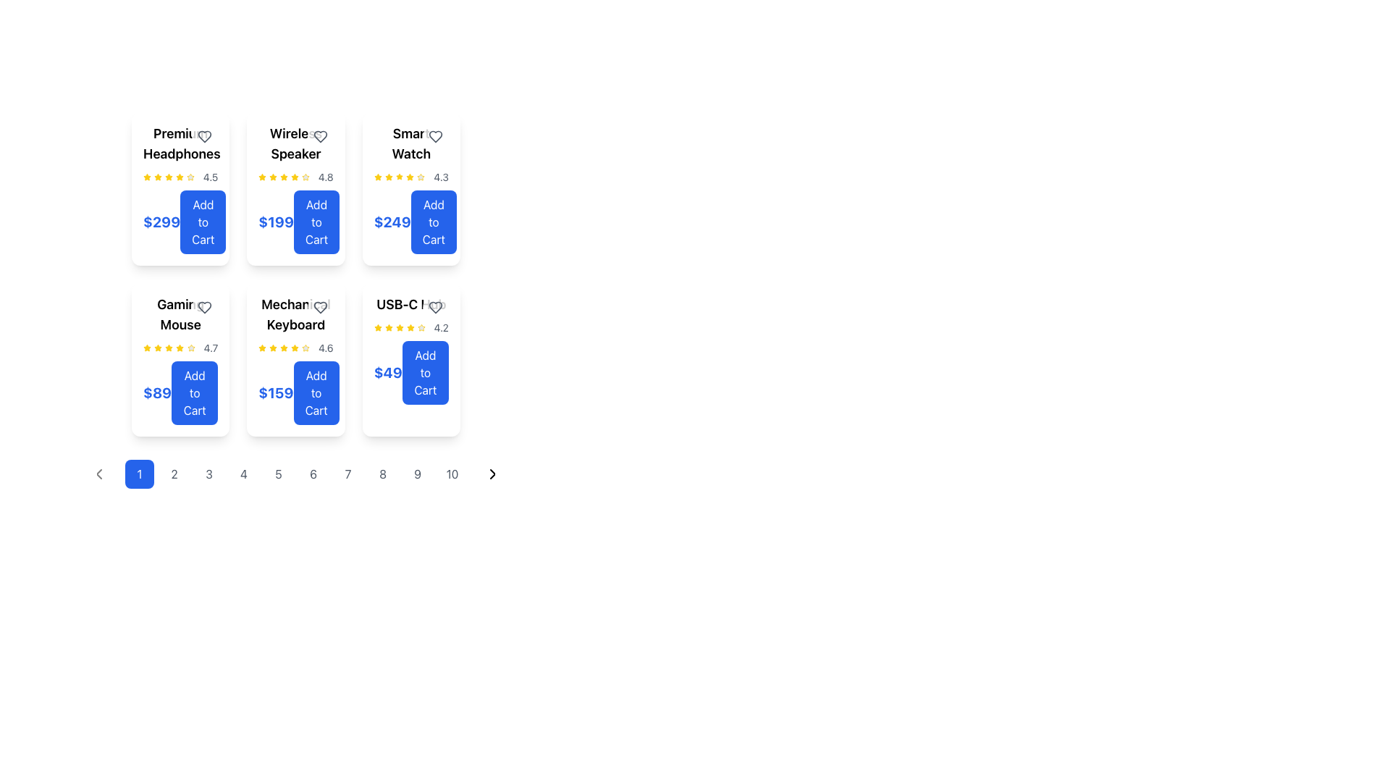  I want to click on the third star icon in the horizontal arrangement representing the rating system for the 'USB-C Hub' product, located in the bottom-right corner of the grid layout, so click(389, 327).